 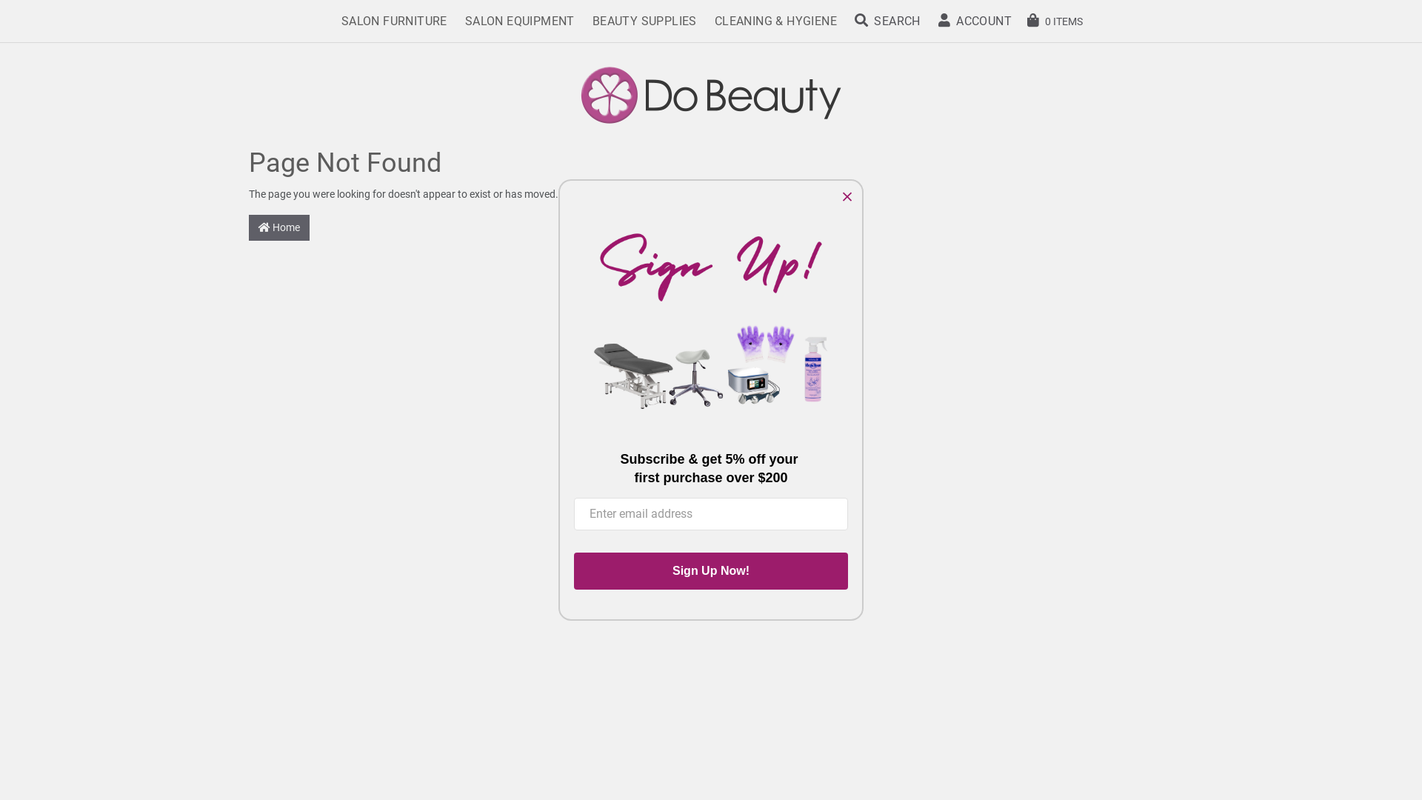 I want to click on 'SEARCH', so click(x=846, y=21).